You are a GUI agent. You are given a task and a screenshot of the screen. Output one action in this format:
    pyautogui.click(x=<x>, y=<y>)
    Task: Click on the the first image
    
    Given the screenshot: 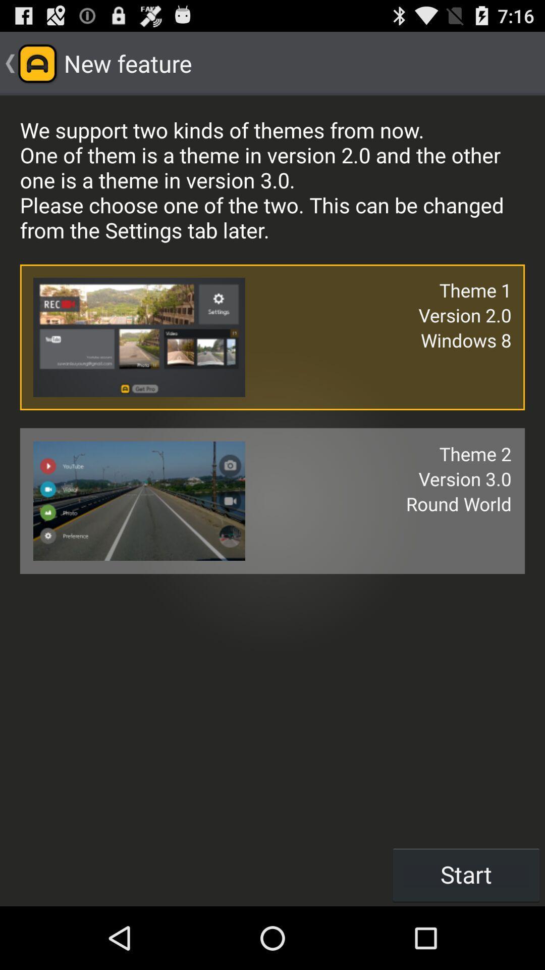 What is the action you would take?
    pyautogui.click(x=139, y=337)
    